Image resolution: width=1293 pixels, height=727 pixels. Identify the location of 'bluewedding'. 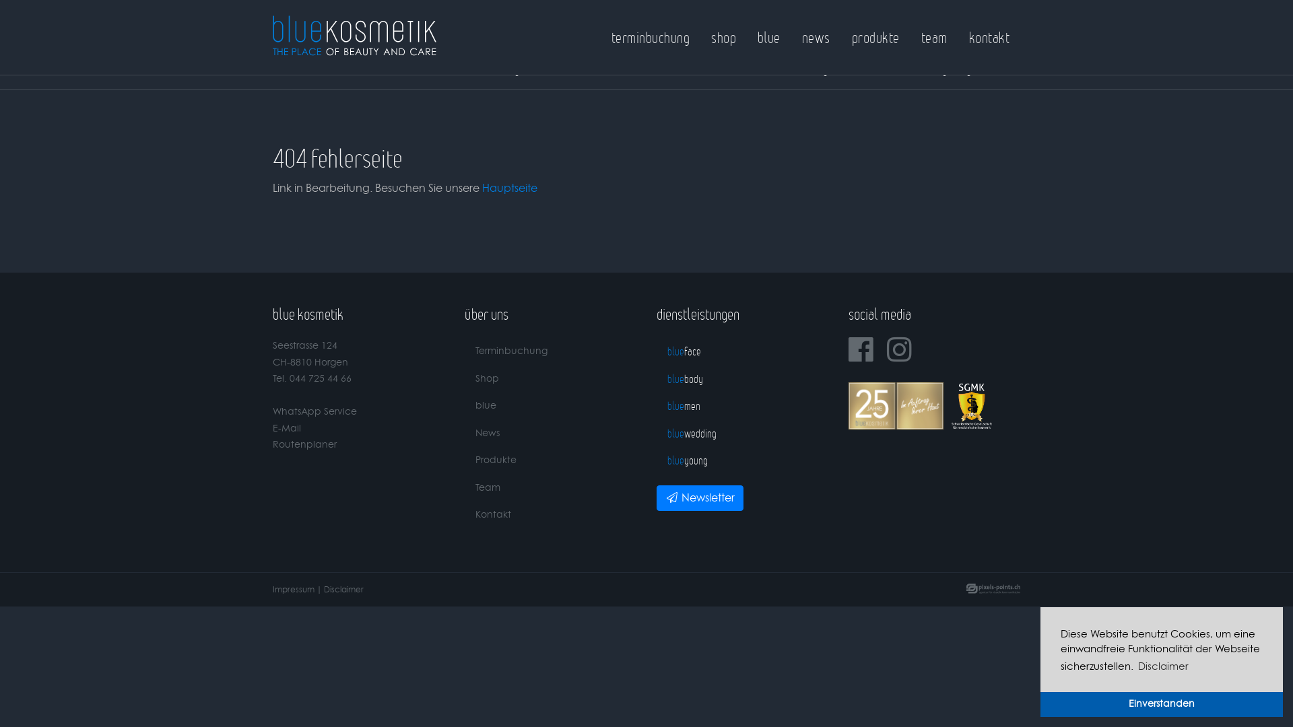
(741, 434).